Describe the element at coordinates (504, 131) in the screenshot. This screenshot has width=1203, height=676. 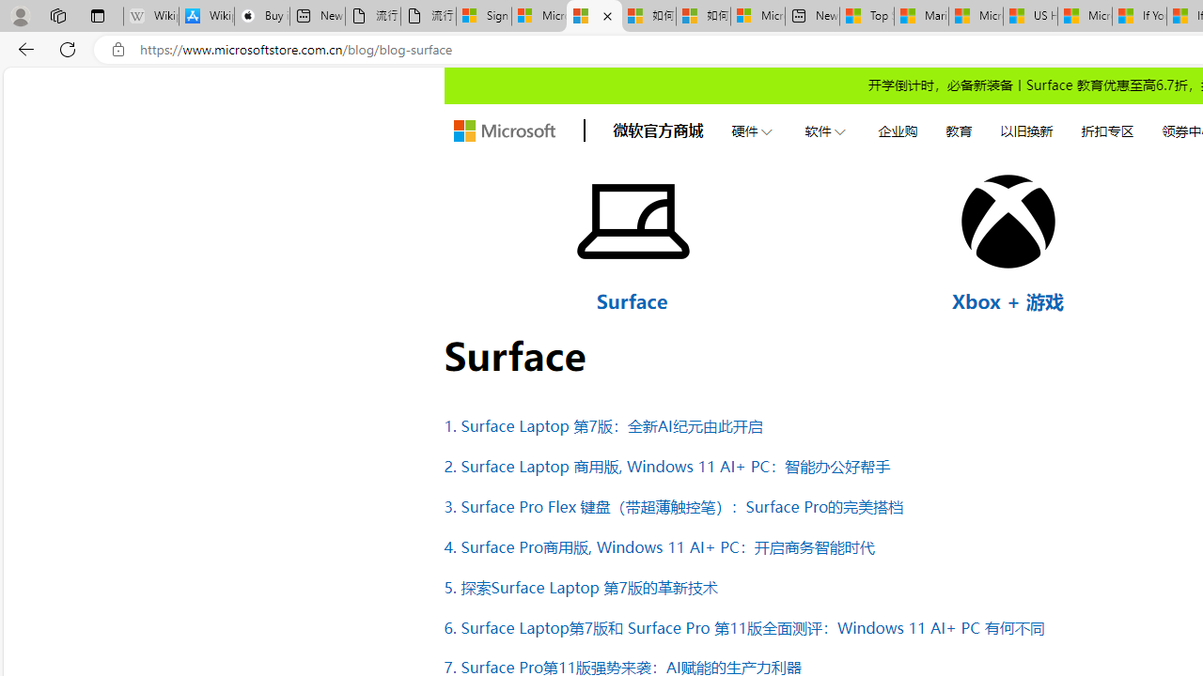
I see `'store logo'` at that location.